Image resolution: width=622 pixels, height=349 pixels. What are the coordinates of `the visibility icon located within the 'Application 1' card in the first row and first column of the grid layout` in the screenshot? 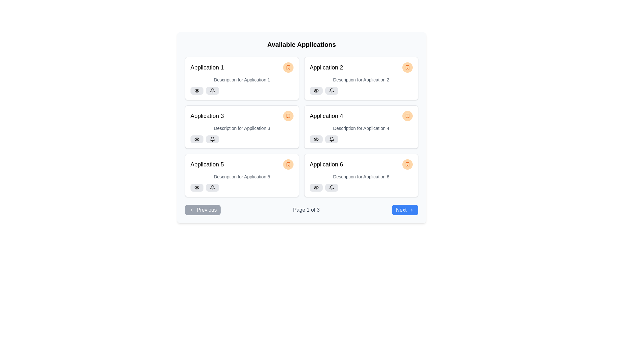 It's located at (197, 91).